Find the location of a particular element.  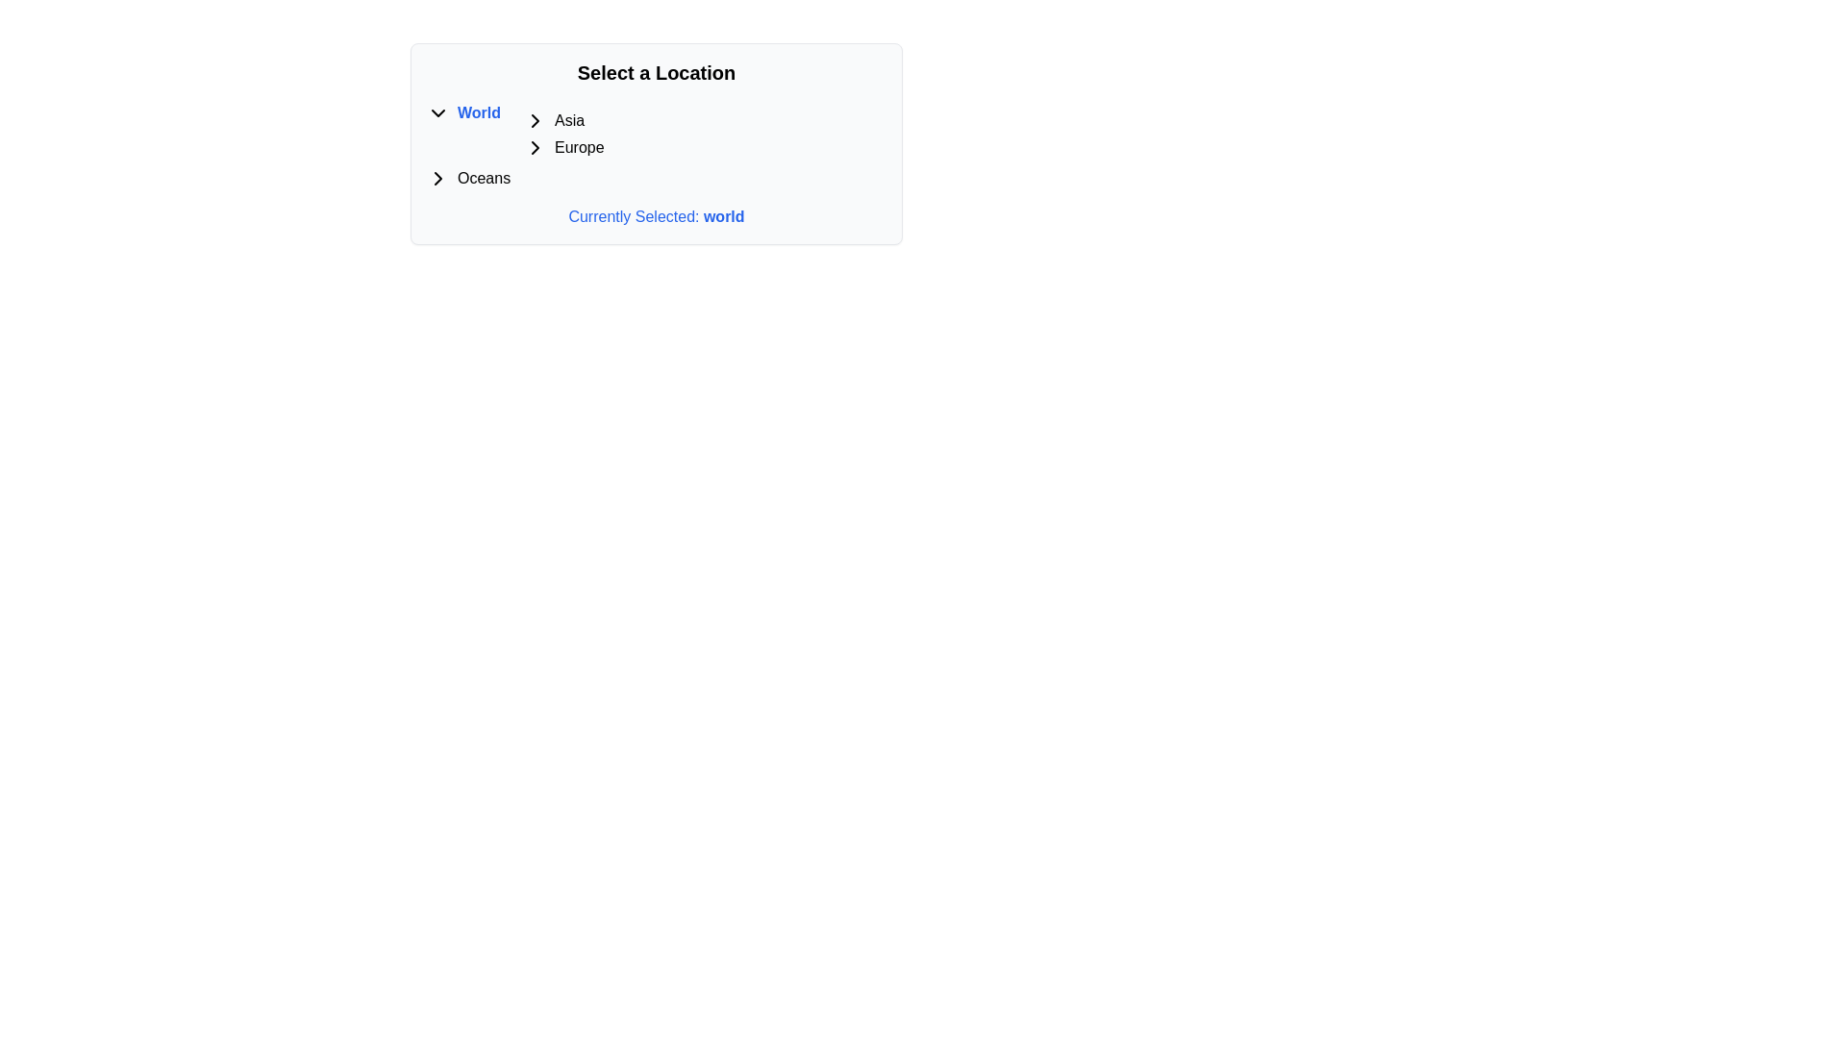

the Dropdown menu list items labeled 'Asia' and 'Europe' is located at coordinates (562, 133).